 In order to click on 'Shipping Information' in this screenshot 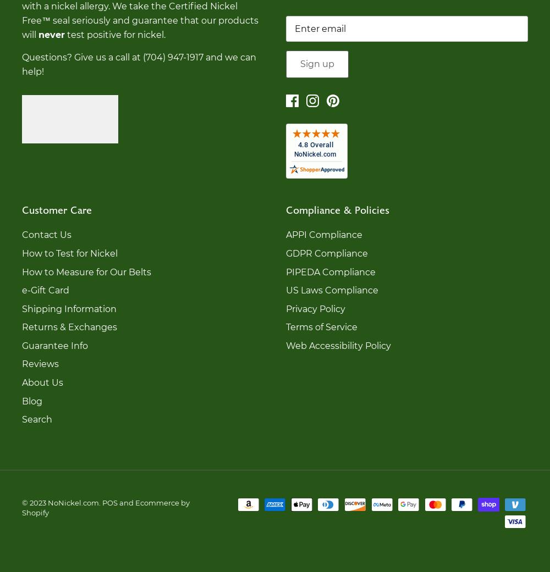, I will do `click(69, 308)`.